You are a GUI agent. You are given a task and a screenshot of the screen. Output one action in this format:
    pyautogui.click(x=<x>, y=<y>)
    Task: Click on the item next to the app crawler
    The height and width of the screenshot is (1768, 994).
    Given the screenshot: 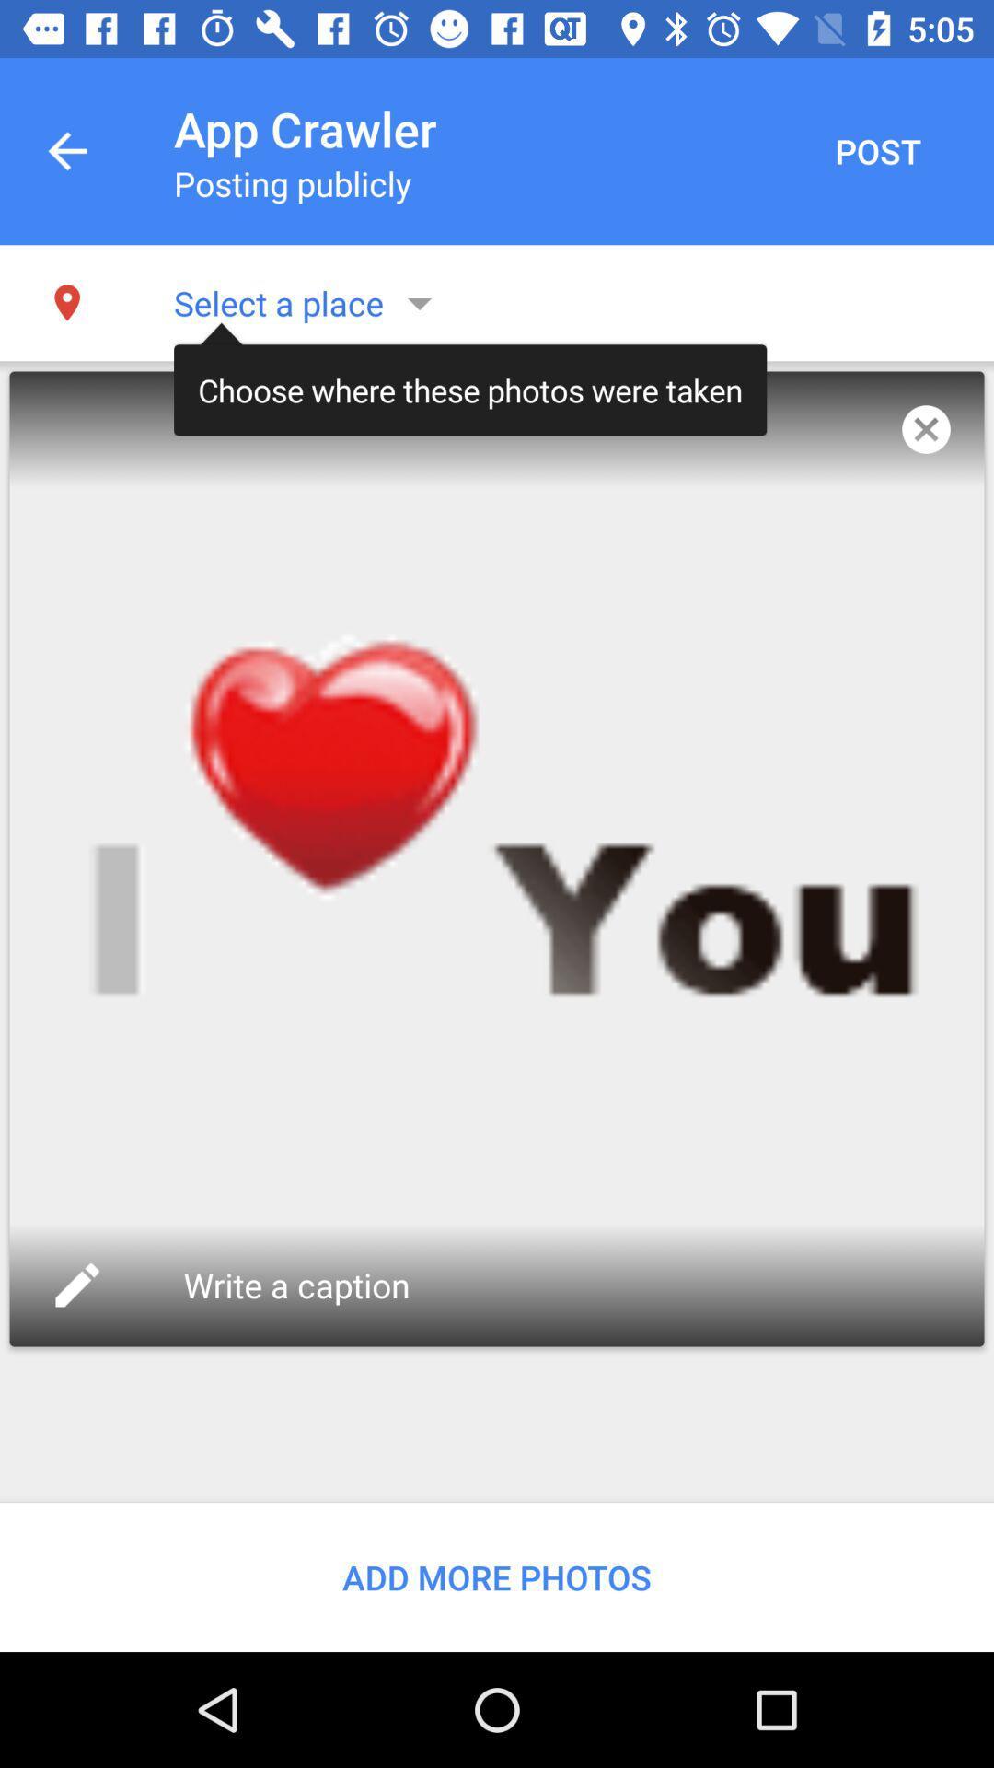 What is the action you would take?
    pyautogui.click(x=876, y=151)
    